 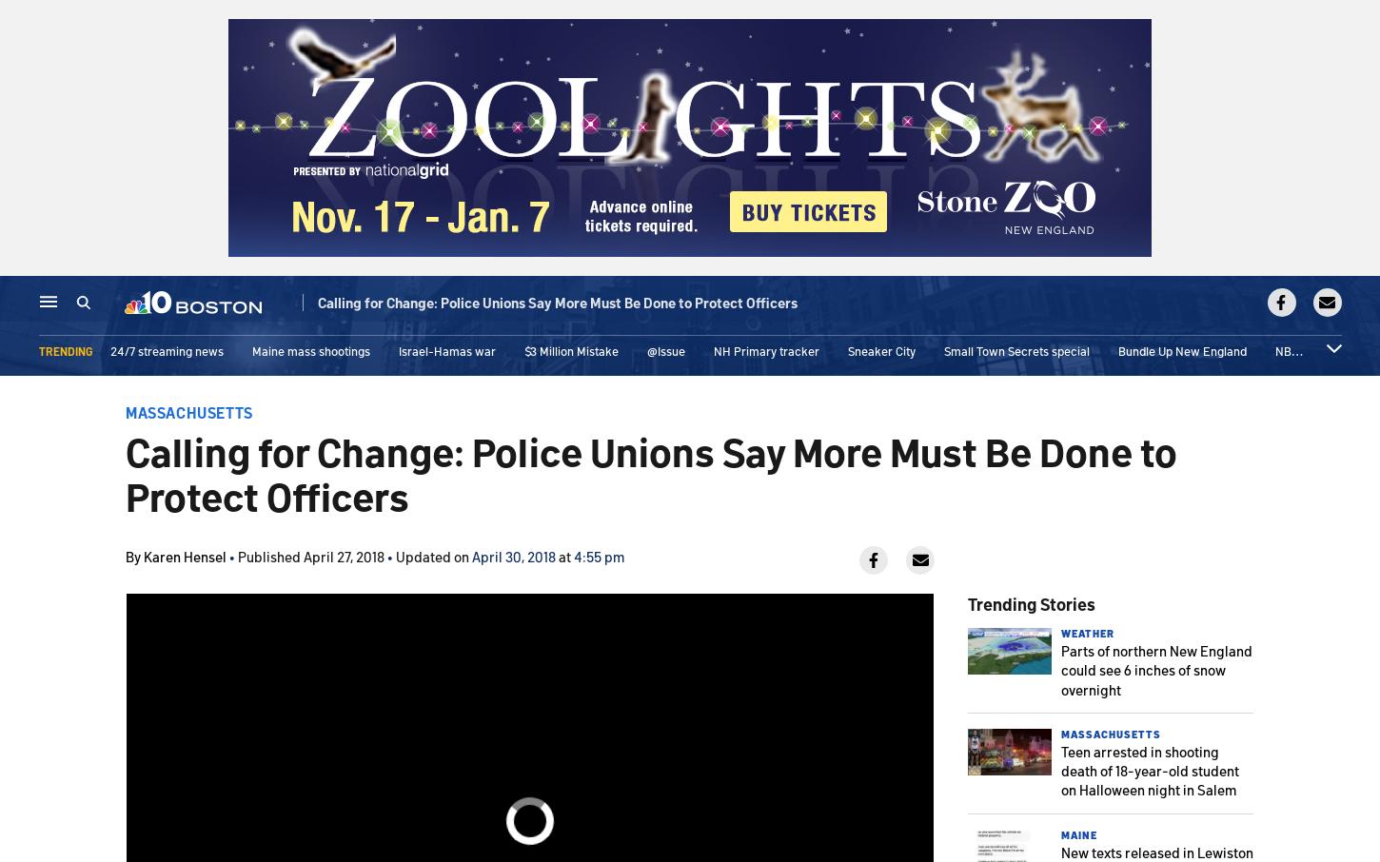 I want to click on '32º', so click(x=1237, y=307).